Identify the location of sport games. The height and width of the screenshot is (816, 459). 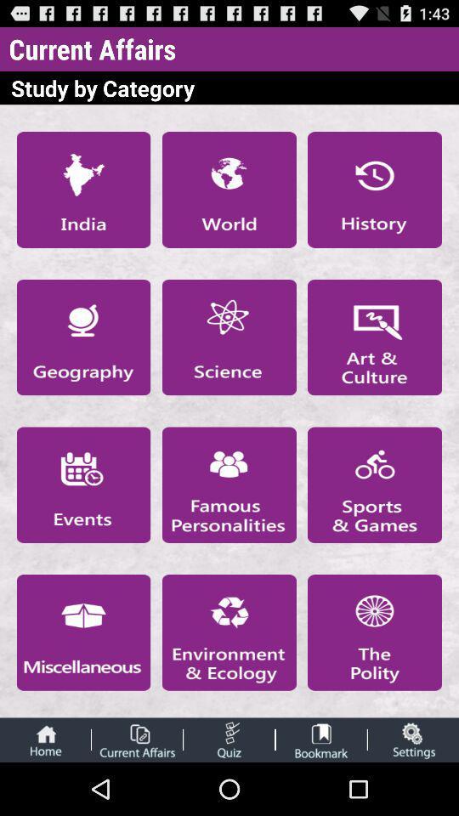
(375, 484).